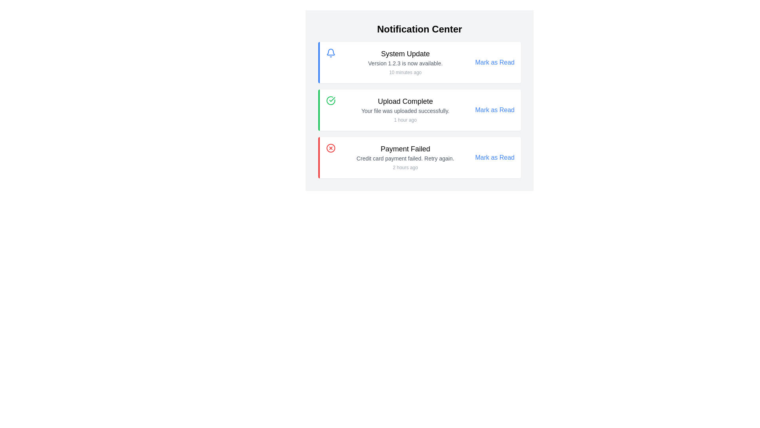 The width and height of the screenshot is (760, 428). What do you see at coordinates (405, 111) in the screenshot?
I see `the notification text block that indicates the successful upload of a file, located in the middle of the notification card titled 'Upload Complete'` at bounding box center [405, 111].